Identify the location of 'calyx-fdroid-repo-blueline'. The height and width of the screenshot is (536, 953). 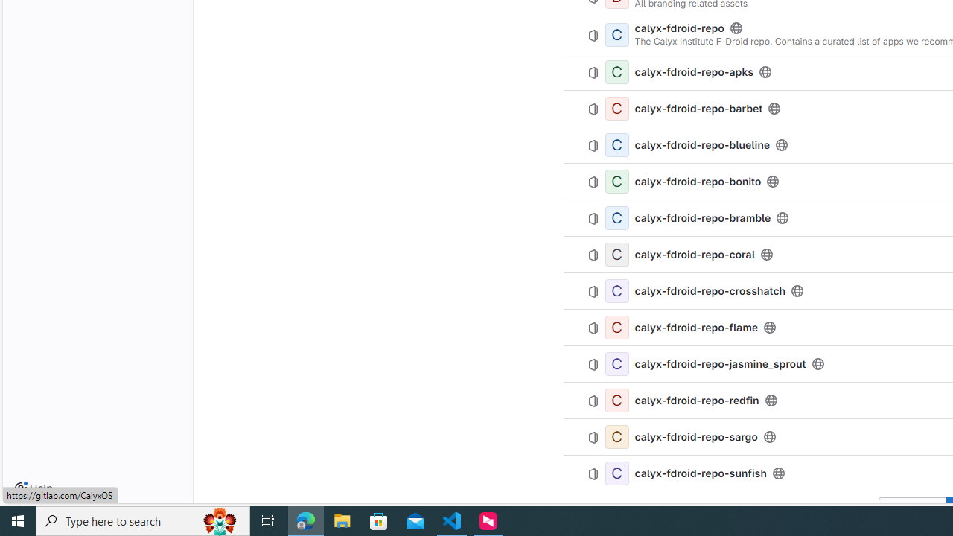
(702, 145).